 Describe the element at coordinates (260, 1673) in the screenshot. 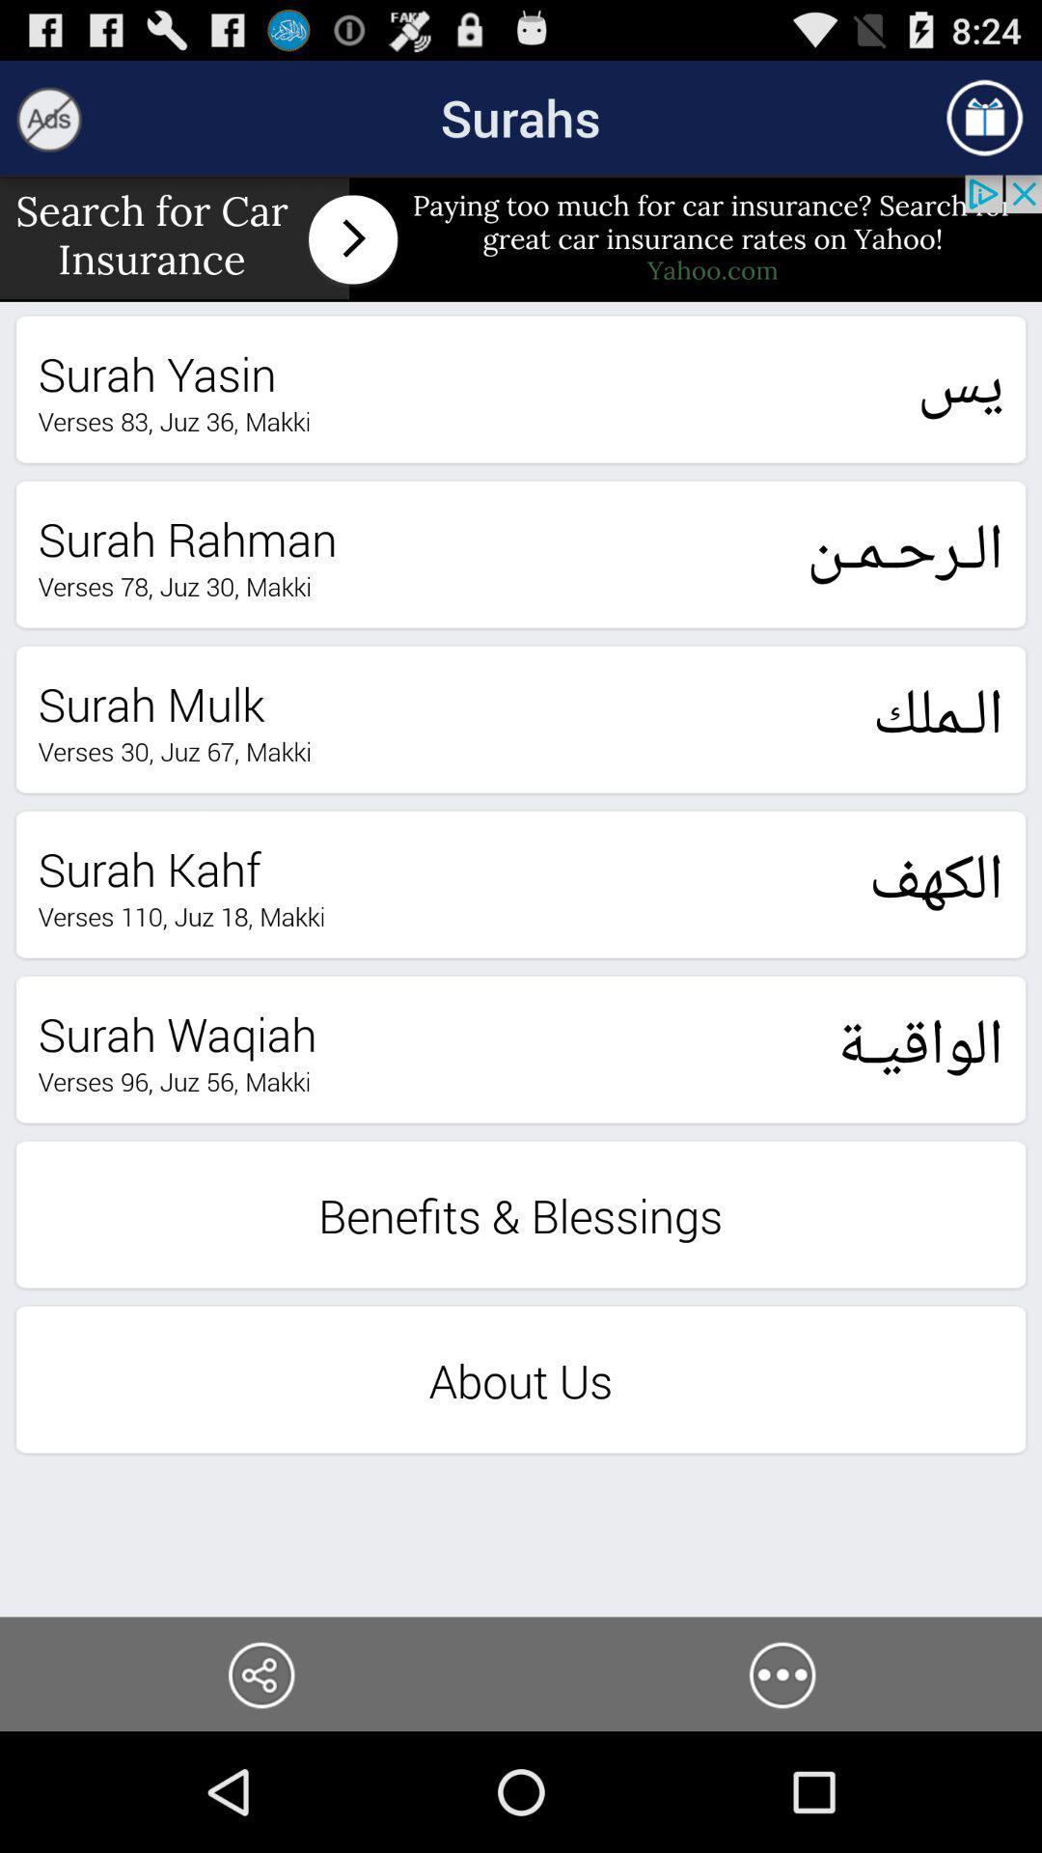

I see `link to` at that location.